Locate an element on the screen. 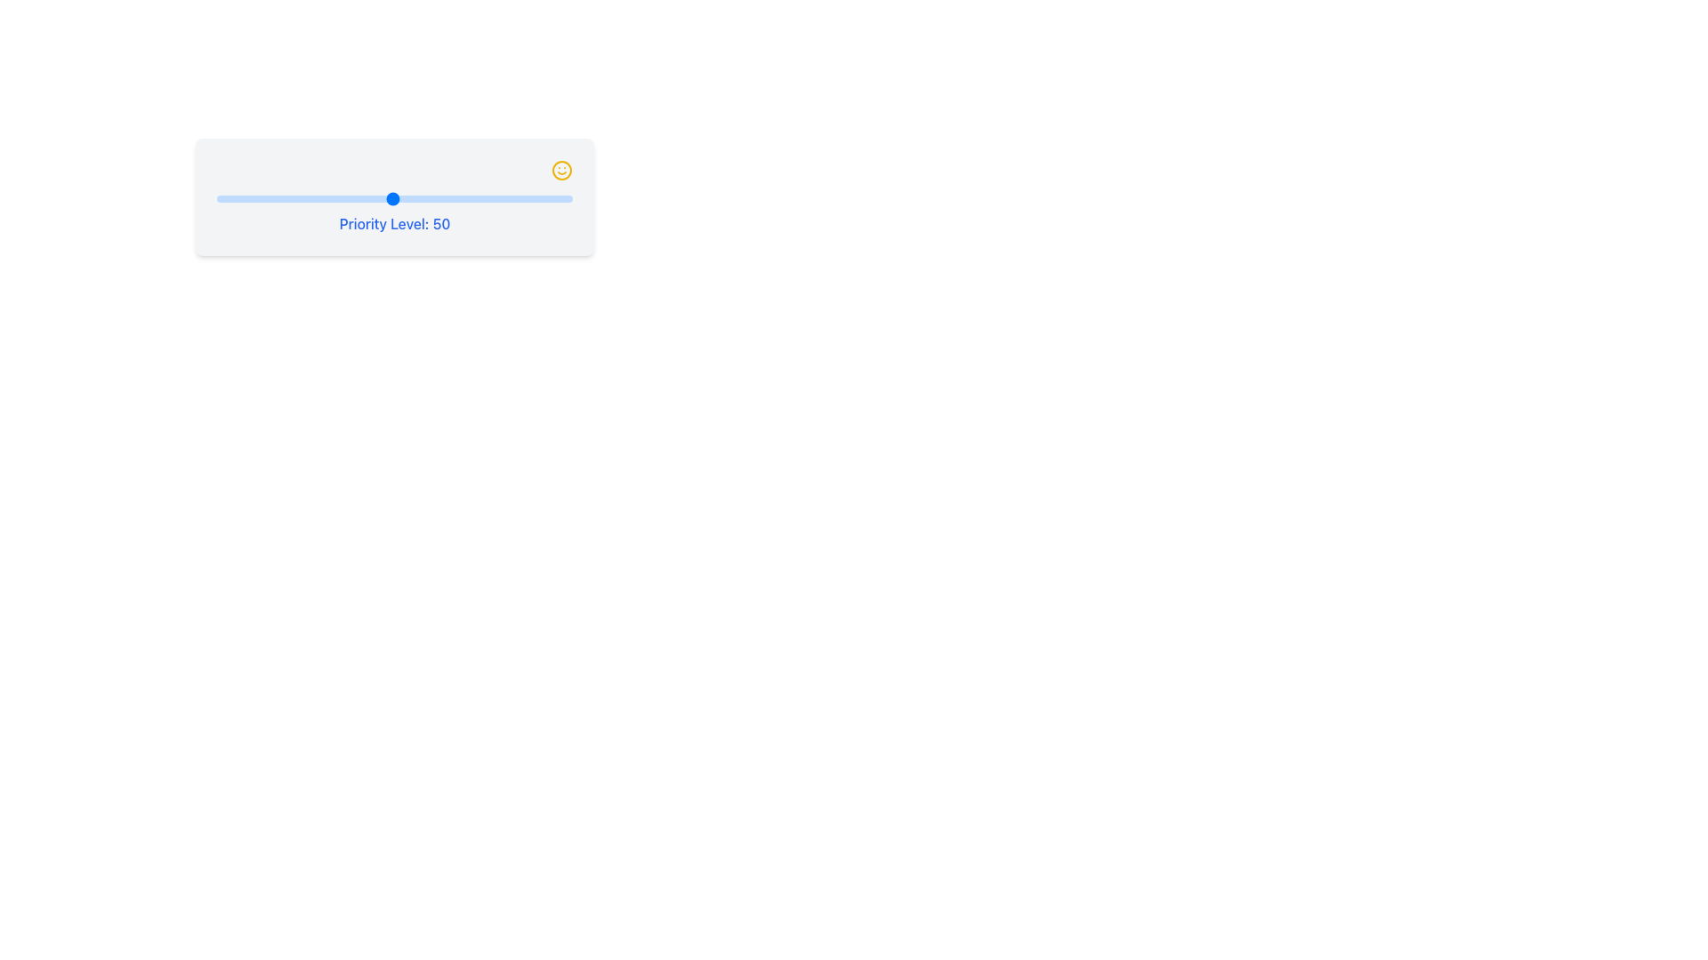 The height and width of the screenshot is (960, 1708). the priority level is located at coordinates (424, 198).